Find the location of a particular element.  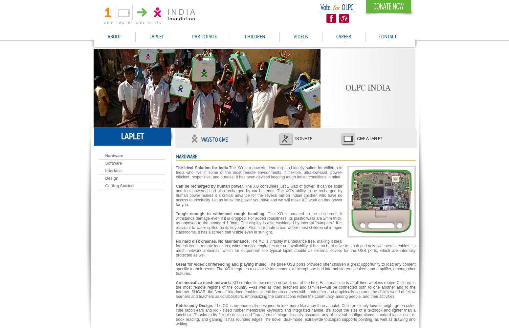

'The Ideal Solution for India.' is located at coordinates (175, 168).